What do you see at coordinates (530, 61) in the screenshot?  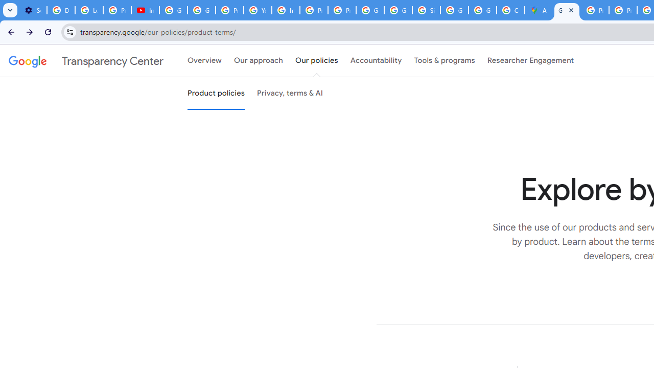 I see `'Researcher Engagement'` at bounding box center [530, 61].